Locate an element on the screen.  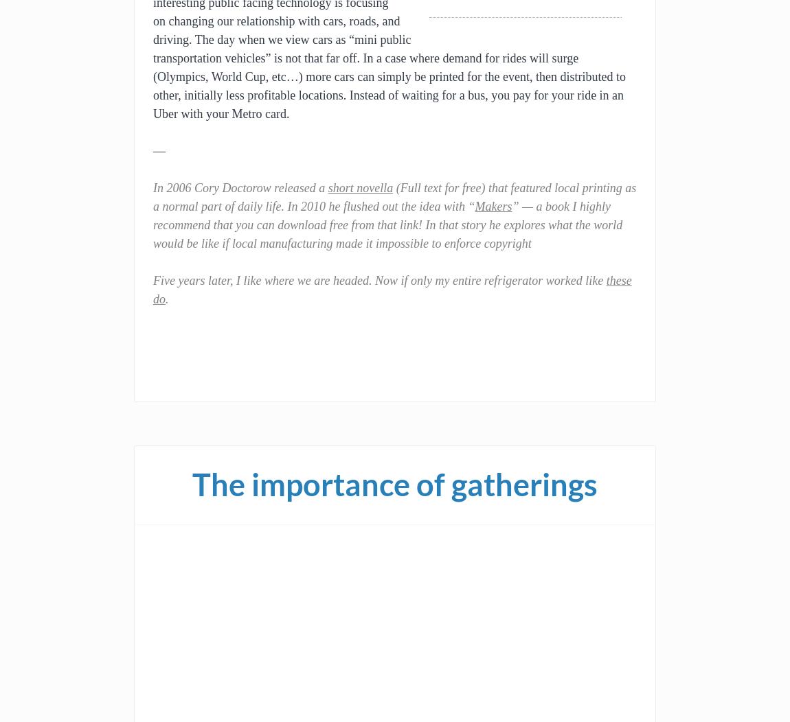
'” — a book I highly recommend that you can download free from that link! In that story he explores what the world would be like if local manufacturing made it impossible to enforce copyright' is located at coordinates (387, 224).